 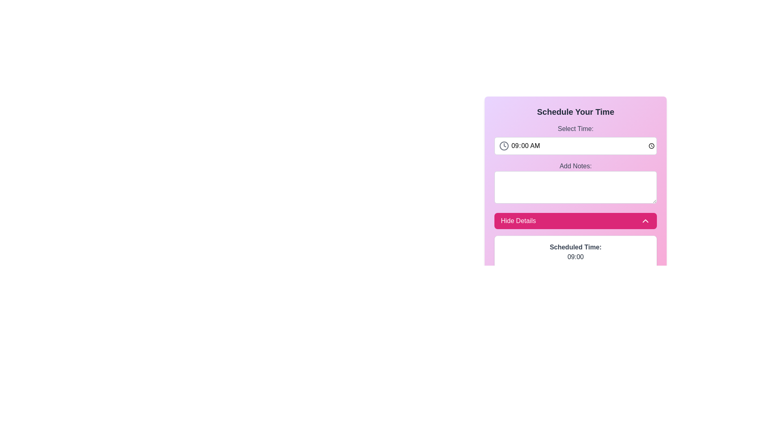 What do you see at coordinates (575, 247) in the screenshot?
I see `the Text label that provides a descriptive title for the adjacent time value '09:00', located centrally above it within the interface` at bounding box center [575, 247].